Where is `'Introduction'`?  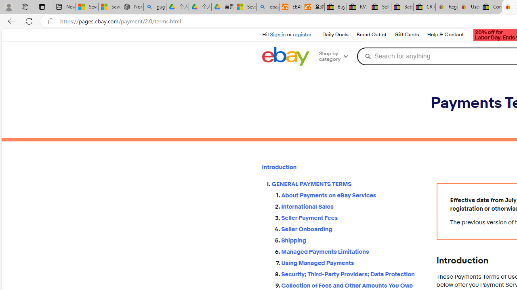
'Introduction' is located at coordinates (343, 167).